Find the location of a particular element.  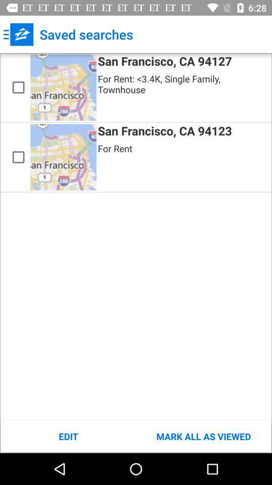

the icon next to edit icon is located at coordinates (203, 436).